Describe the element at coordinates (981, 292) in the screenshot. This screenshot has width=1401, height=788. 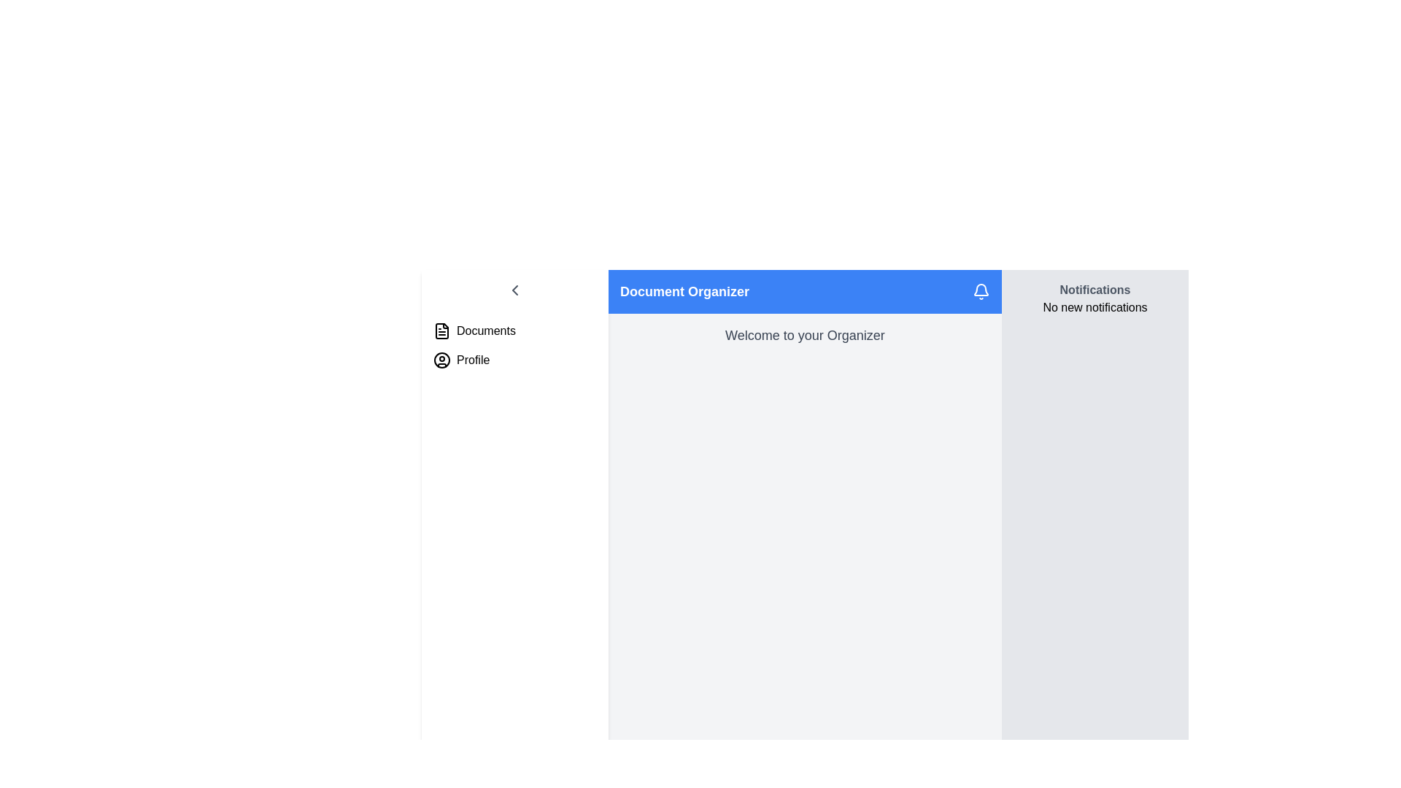
I see `the notification bell icon` at that location.